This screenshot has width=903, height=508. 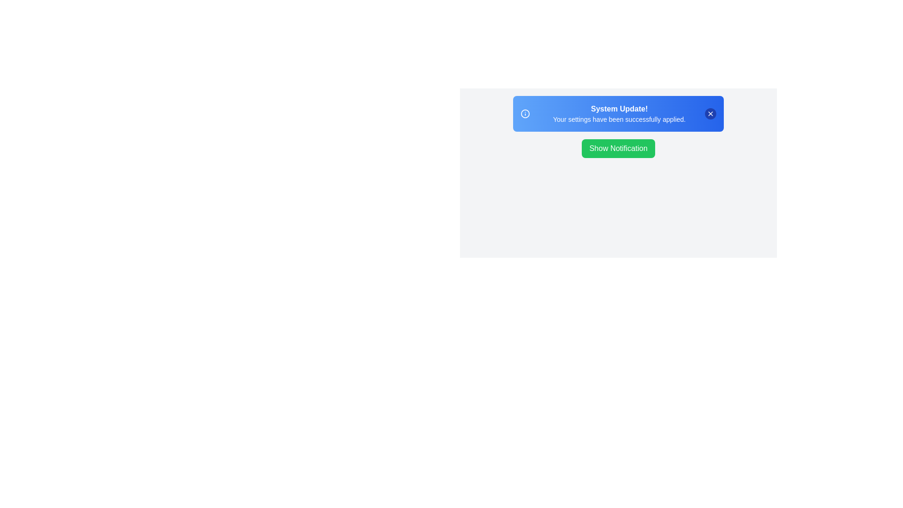 I want to click on the 'Show Notification' button to re-display the snackbar notification, so click(x=618, y=148).